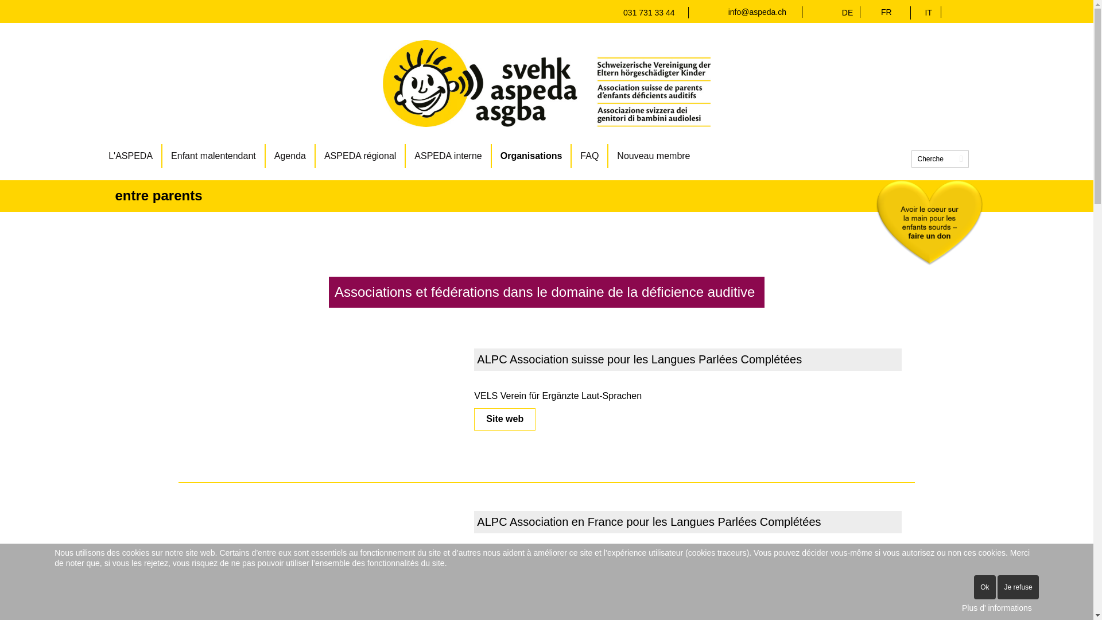 The width and height of the screenshot is (1102, 620). What do you see at coordinates (653, 156) in the screenshot?
I see `'Nouveau membre'` at bounding box center [653, 156].